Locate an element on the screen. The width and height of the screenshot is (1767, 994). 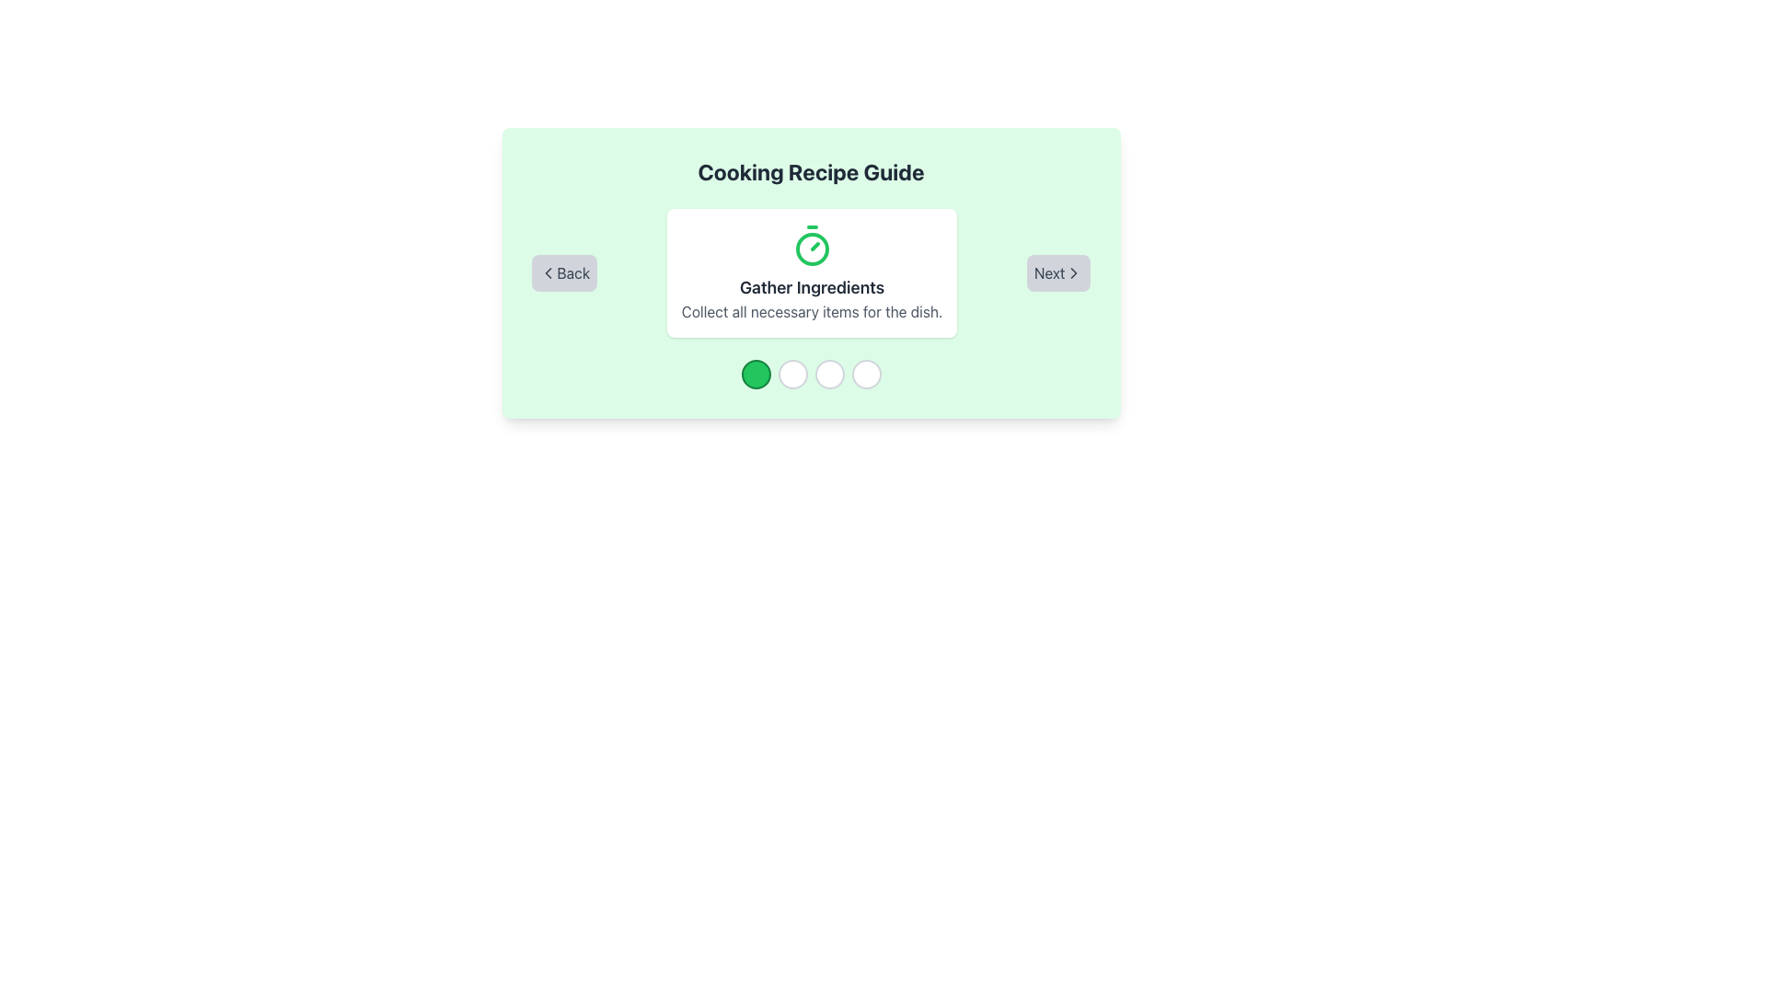
the Informational Content Box that displays a step or instruction in a process, which includes a title, an illustrative icon, and a description is located at coordinates (811, 273).